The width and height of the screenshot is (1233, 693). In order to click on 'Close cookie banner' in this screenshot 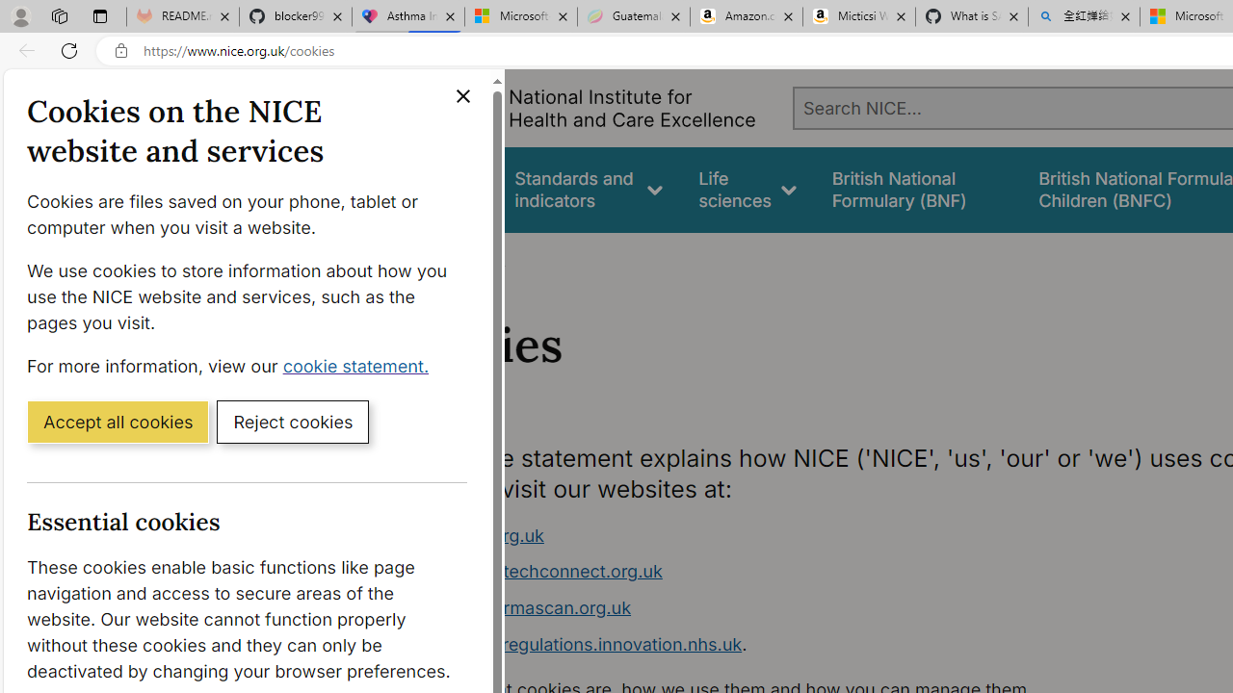, I will do `click(462, 96)`.